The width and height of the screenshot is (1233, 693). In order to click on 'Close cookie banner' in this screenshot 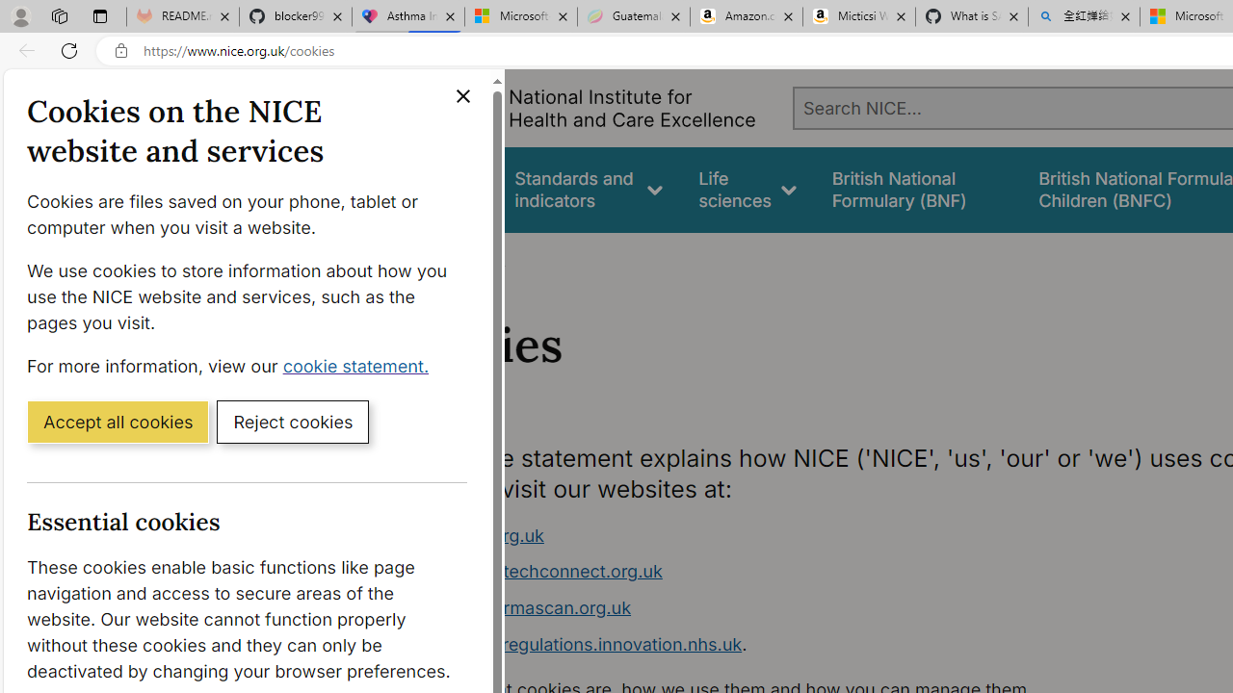, I will do `click(462, 96)`.